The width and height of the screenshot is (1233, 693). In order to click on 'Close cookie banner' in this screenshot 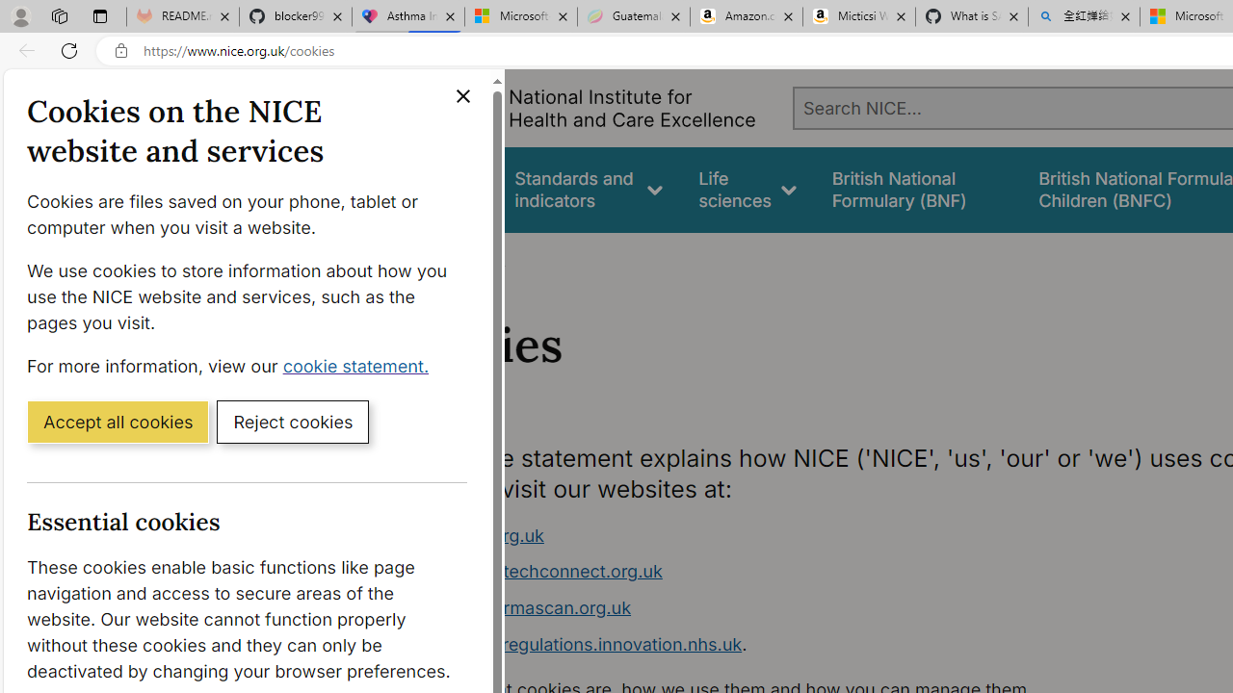, I will do `click(462, 96)`.